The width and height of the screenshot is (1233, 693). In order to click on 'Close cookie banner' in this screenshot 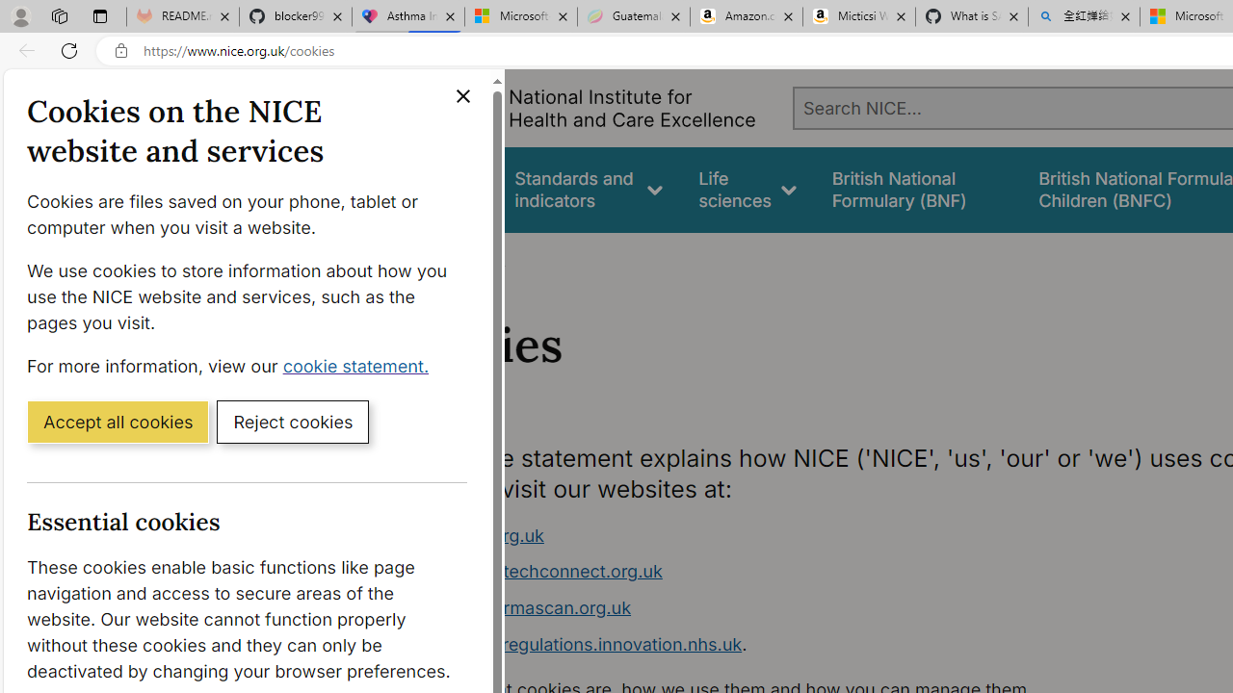, I will do `click(462, 96)`.